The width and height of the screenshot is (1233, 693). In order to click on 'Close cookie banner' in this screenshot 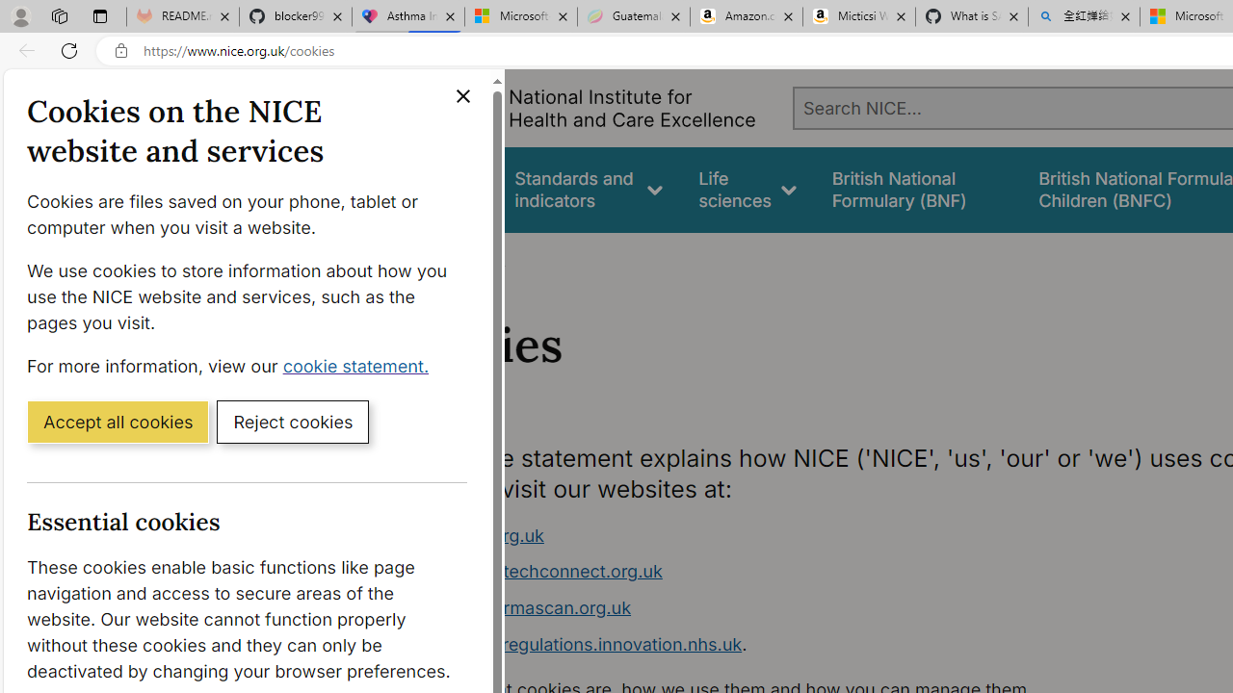, I will do `click(462, 96)`.